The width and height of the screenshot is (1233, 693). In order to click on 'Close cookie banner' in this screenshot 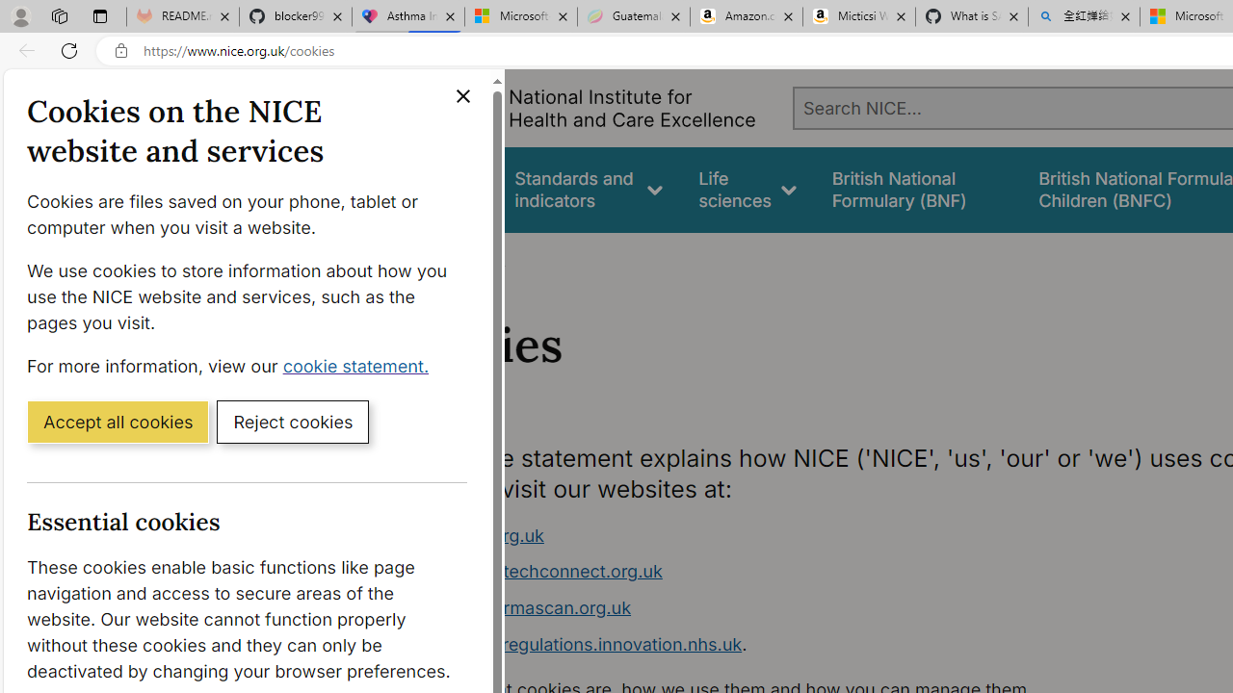, I will do `click(462, 96)`.